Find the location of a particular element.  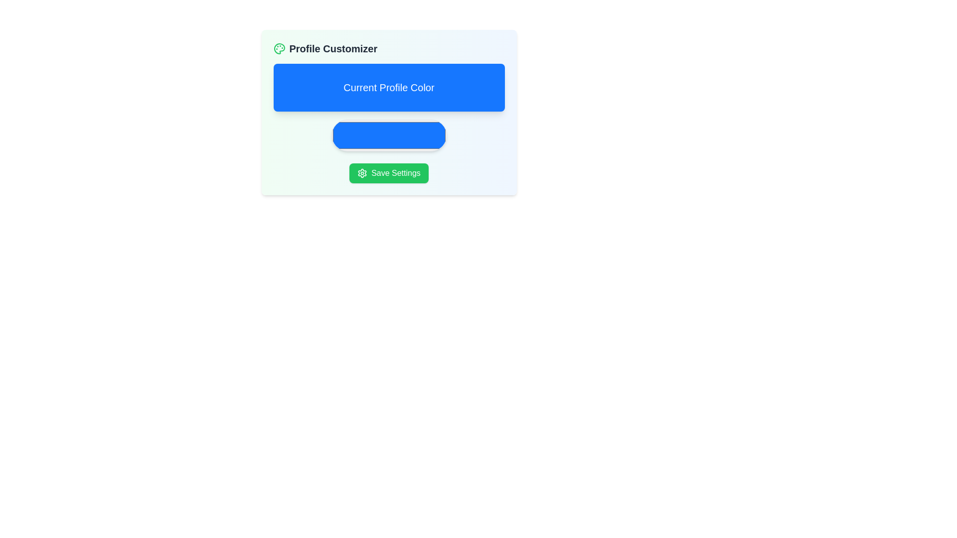

the palette icon with green outlines and colorful circles, located in the header section labeled 'Profile Customizer', positioned to the left of the text heading is located at coordinates (279, 48).